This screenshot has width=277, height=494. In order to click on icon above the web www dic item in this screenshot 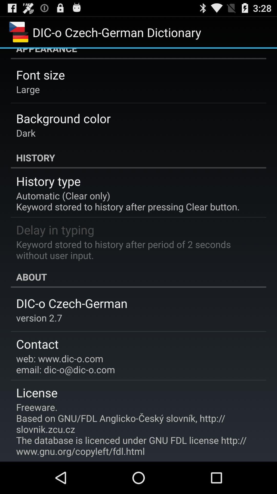, I will do `click(37, 344)`.